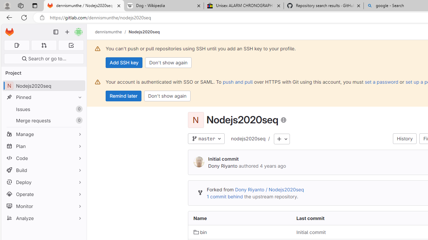 The width and height of the screenshot is (428, 240). Describe the element at coordinates (247, 139) in the screenshot. I see `'nodejs2020seq'` at that location.